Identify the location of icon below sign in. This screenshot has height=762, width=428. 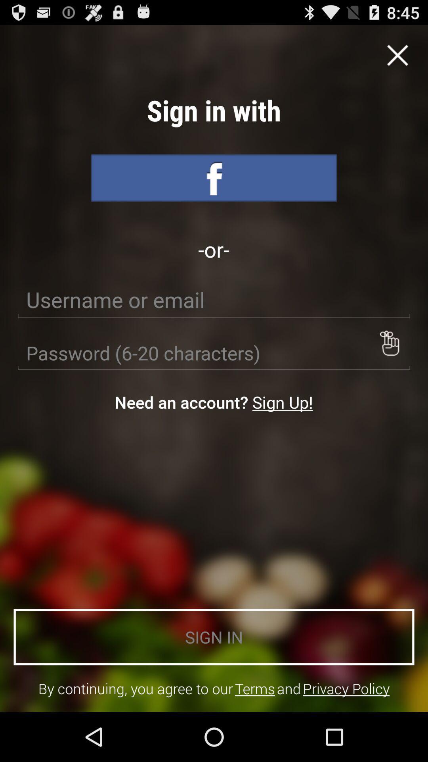
(255, 688).